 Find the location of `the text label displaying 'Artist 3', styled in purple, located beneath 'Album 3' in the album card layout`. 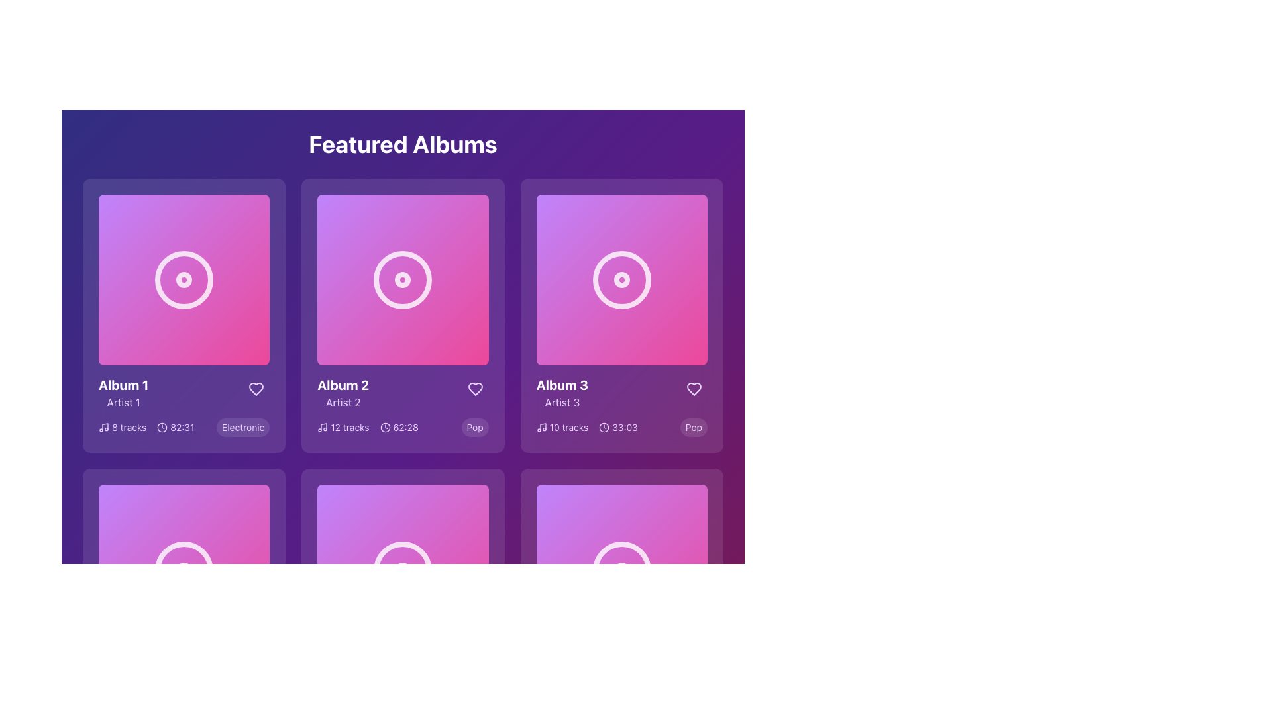

the text label displaying 'Artist 3', styled in purple, located beneath 'Album 3' in the album card layout is located at coordinates (562, 402).